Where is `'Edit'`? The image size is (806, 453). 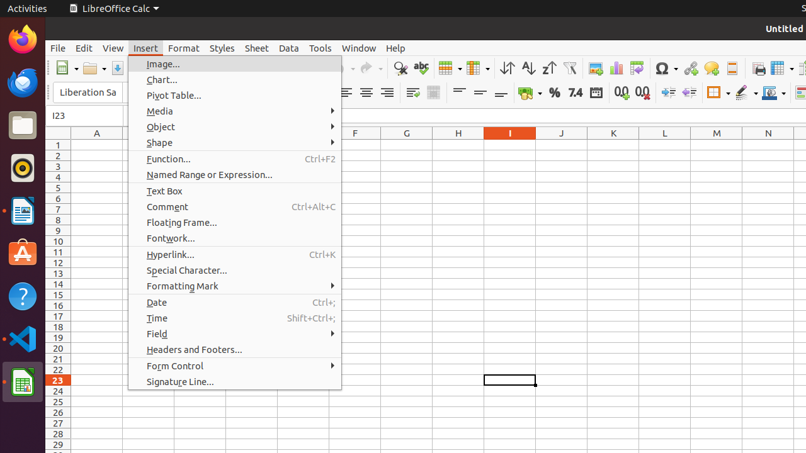
'Edit' is located at coordinates (83, 47).